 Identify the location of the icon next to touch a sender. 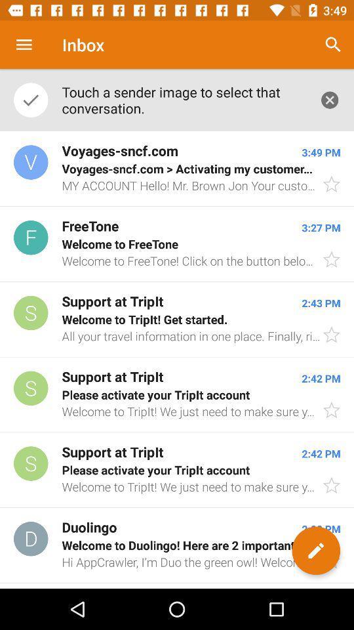
(333, 45).